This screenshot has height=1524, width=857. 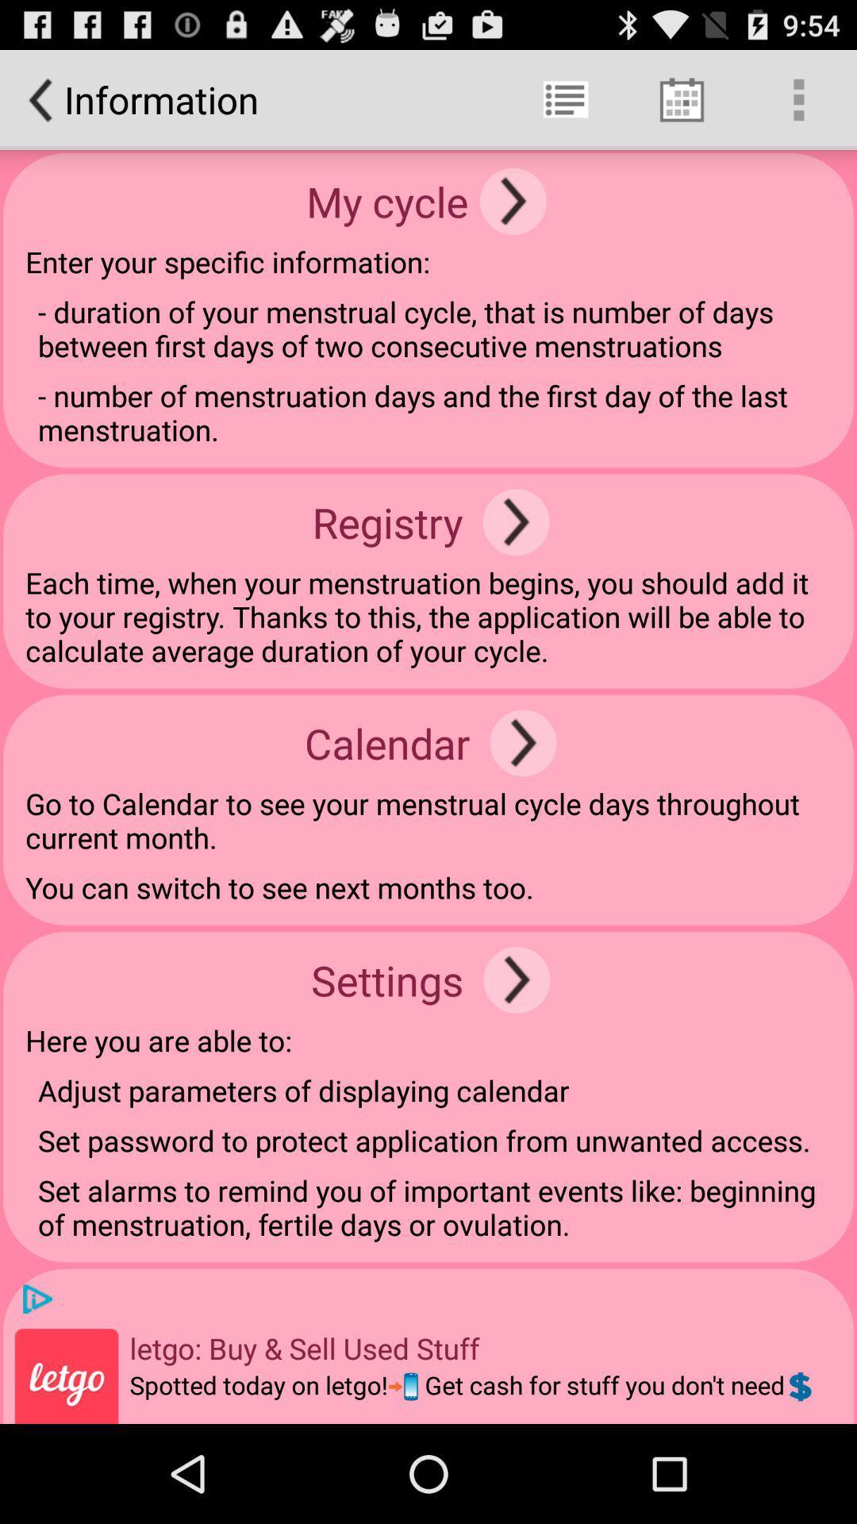 What do you see at coordinates (516, 522) in the screenshot?
I see `app above the each time when item` at bounding box center [516, 522].